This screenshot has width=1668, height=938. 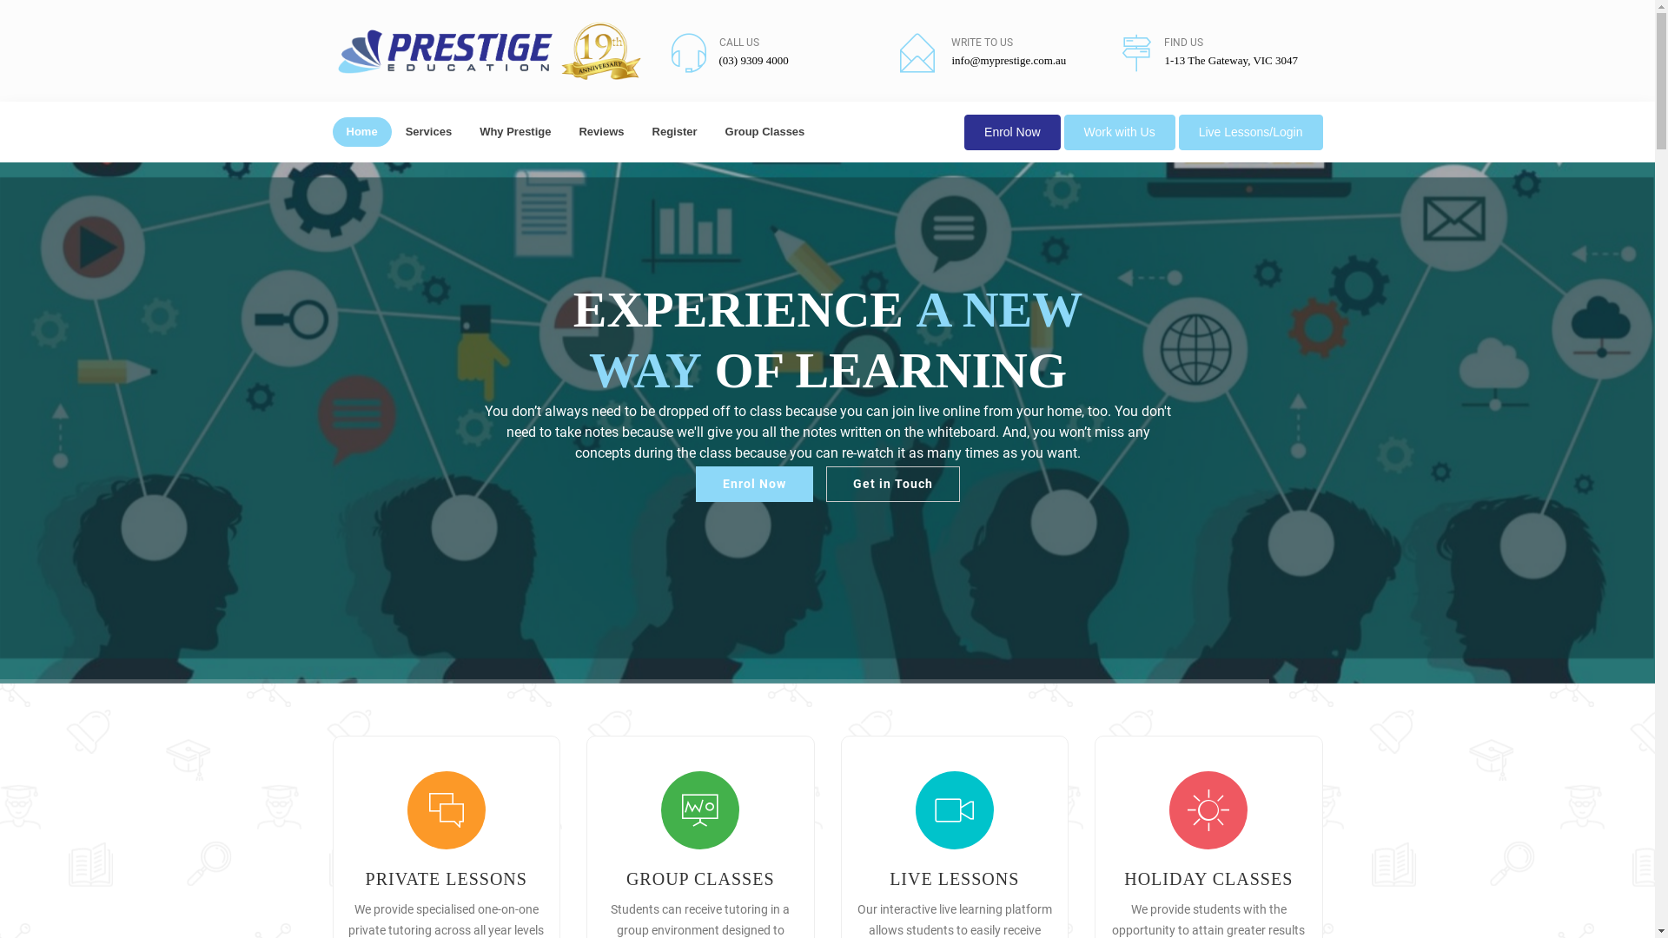 I want to click on 'HOLIDAY CLASSES', so click(x=1208, y=878).